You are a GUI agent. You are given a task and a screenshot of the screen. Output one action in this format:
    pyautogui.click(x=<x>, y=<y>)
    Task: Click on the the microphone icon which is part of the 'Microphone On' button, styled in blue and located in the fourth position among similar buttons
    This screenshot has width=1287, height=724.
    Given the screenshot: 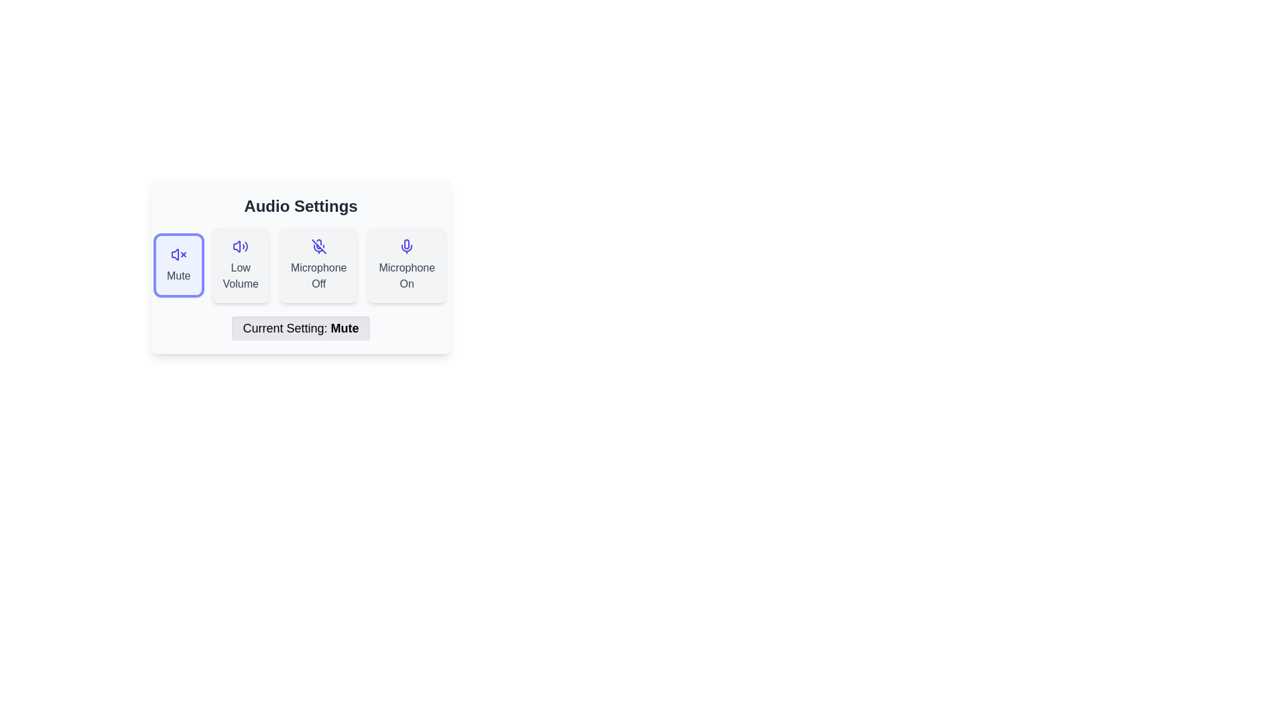 What is the action you would take?
    pyautogui.click(x=406, y=246)
    